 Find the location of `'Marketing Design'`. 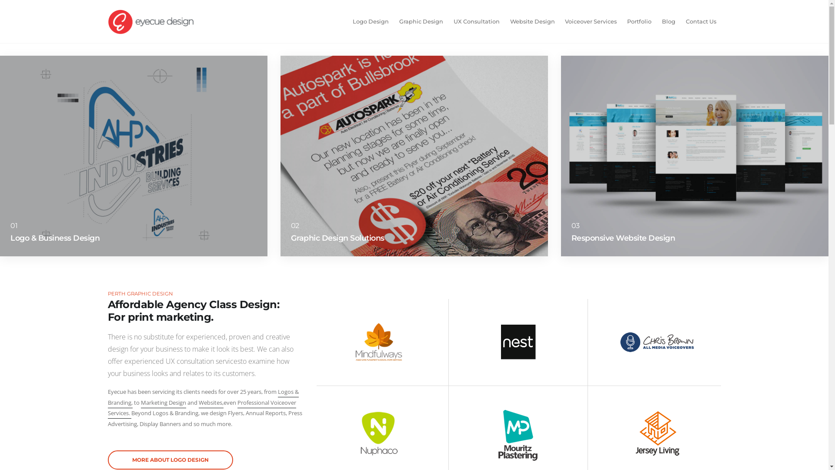

'Marketing Design' is located at coordinates (163, 403).